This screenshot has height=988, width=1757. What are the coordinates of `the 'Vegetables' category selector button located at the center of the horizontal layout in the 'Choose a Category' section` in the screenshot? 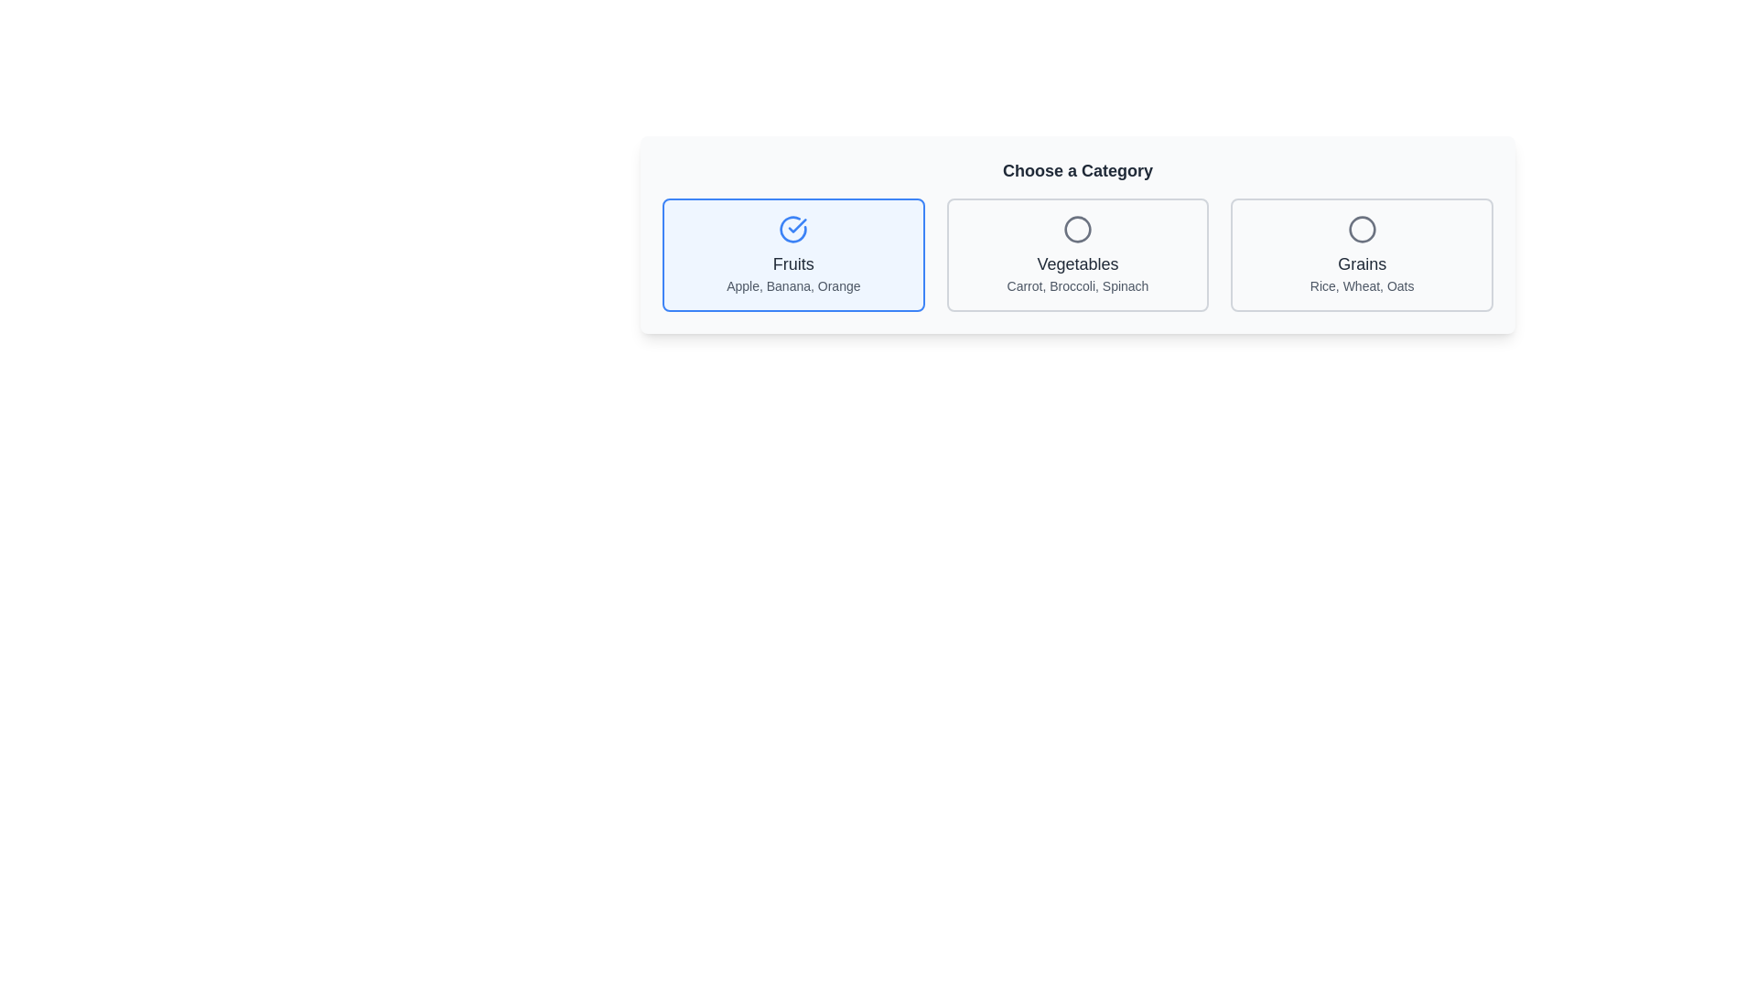 It's located at (1077, 254).